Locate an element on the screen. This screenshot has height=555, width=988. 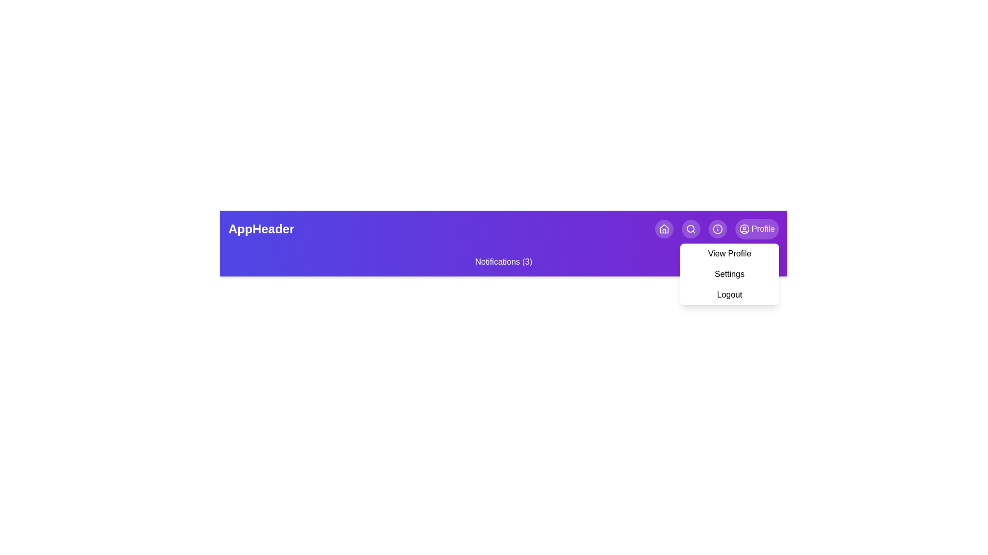
the notifications icon to view notifications is located at coordinates (691, 229).